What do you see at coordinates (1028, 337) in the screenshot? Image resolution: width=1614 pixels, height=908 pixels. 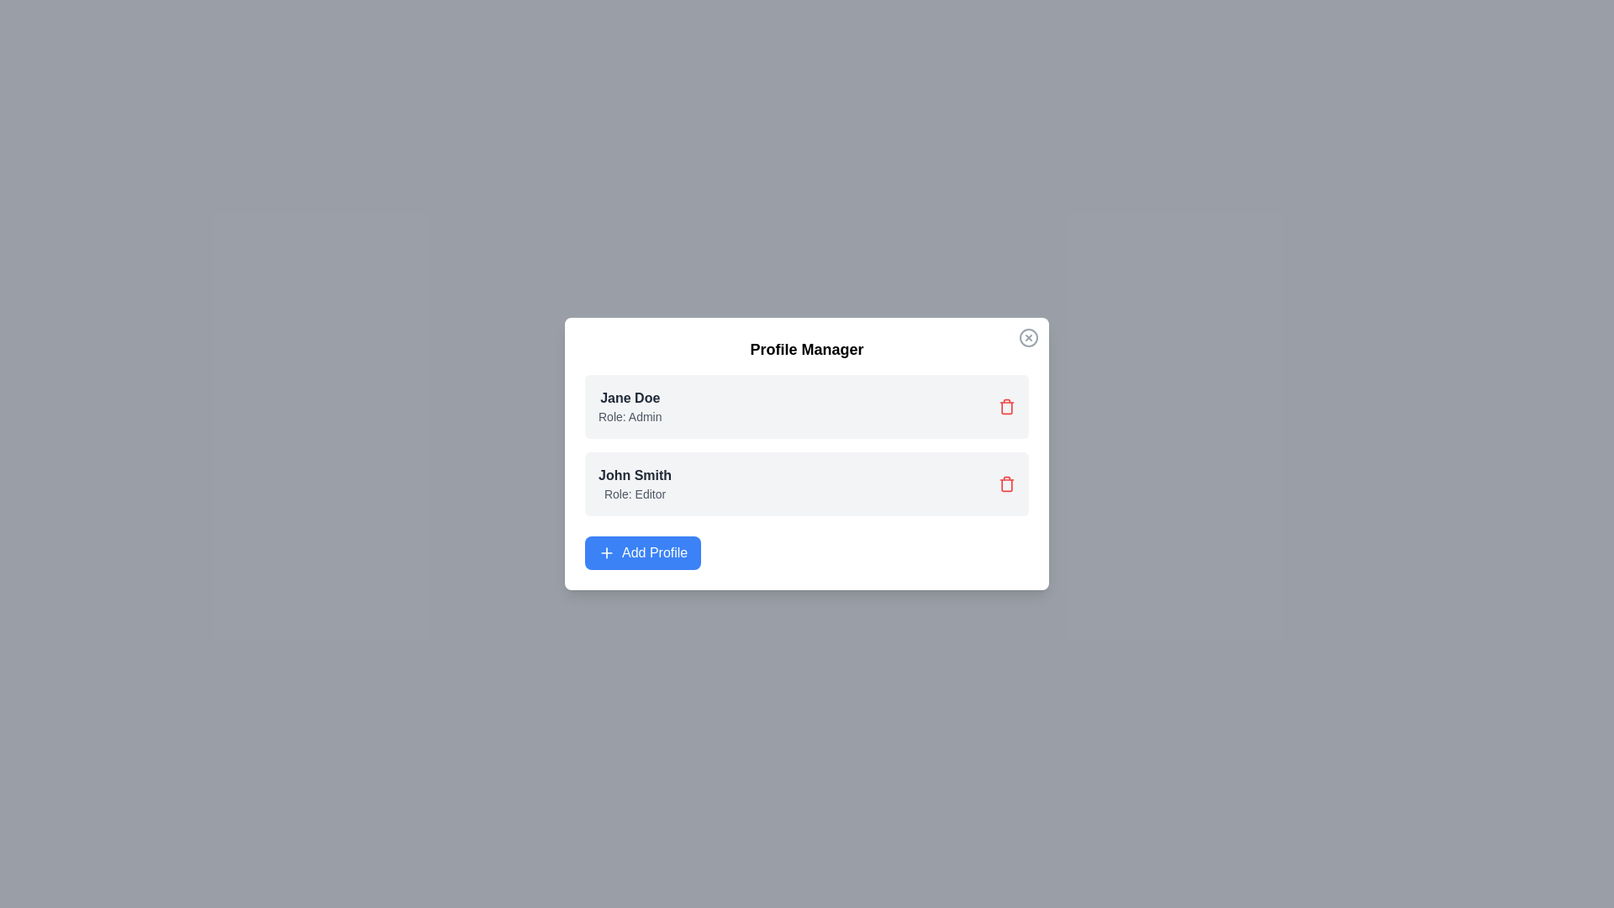 I see `the close button located at the top-right corner of the dialog` at bounding box center [1028, 337].